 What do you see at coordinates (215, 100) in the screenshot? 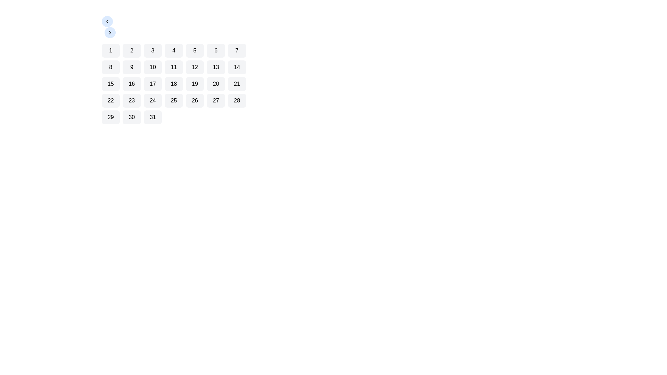
I see `the button representing the number 27 in the calendar grid located in the fourth row and sixth column` at bounding box center [215, 100].